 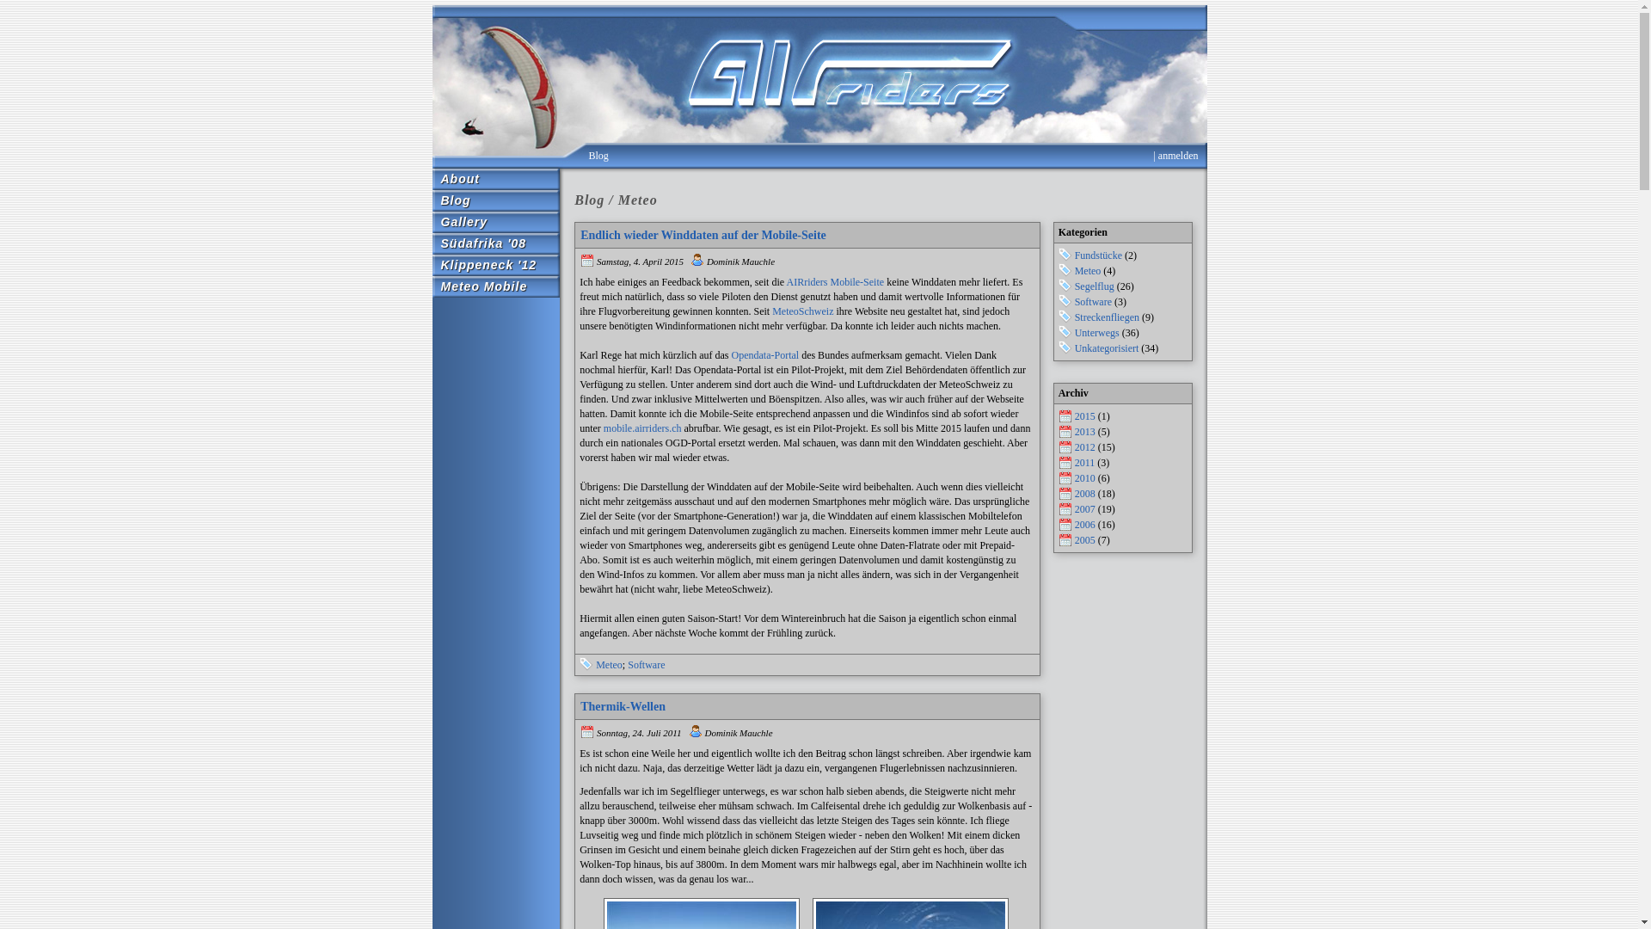 What do you see at coordinates (494, 198) in the screenshot?
I see `'Blog'` at bounding box center [494, 198].